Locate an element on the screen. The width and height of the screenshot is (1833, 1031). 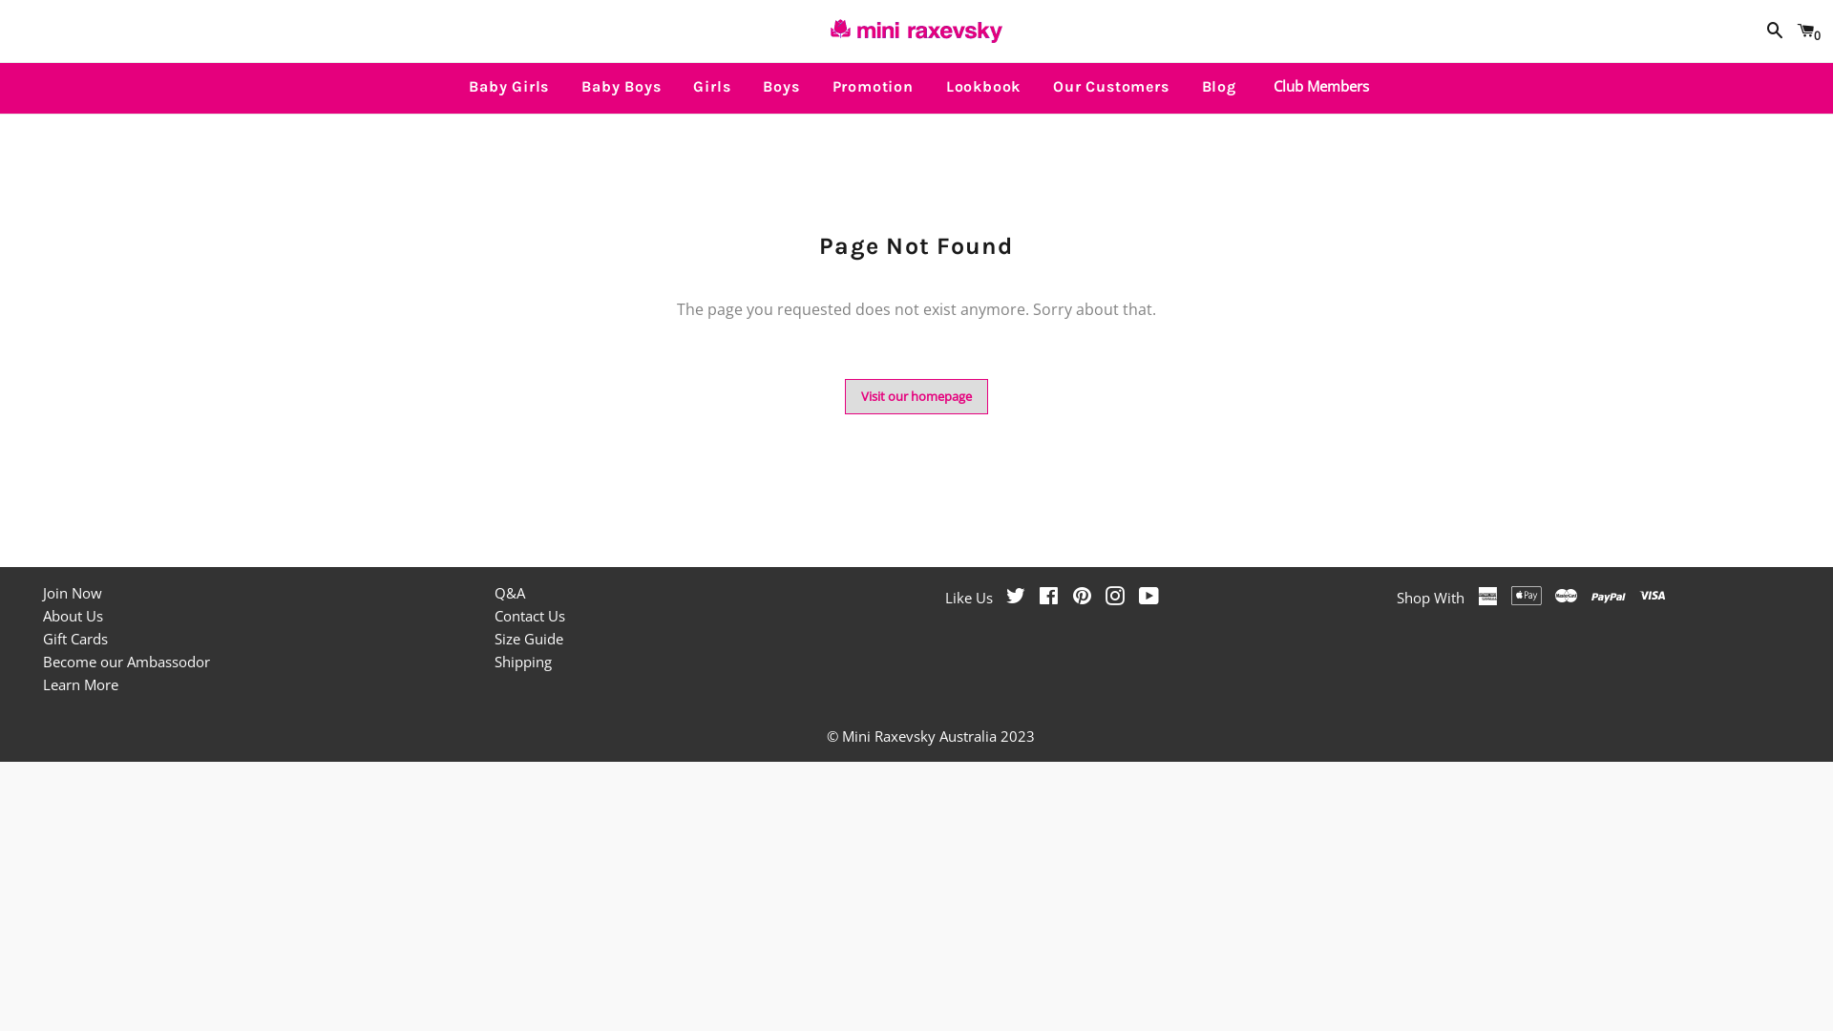
'Club Members' is located at coordinates (1315, 84).